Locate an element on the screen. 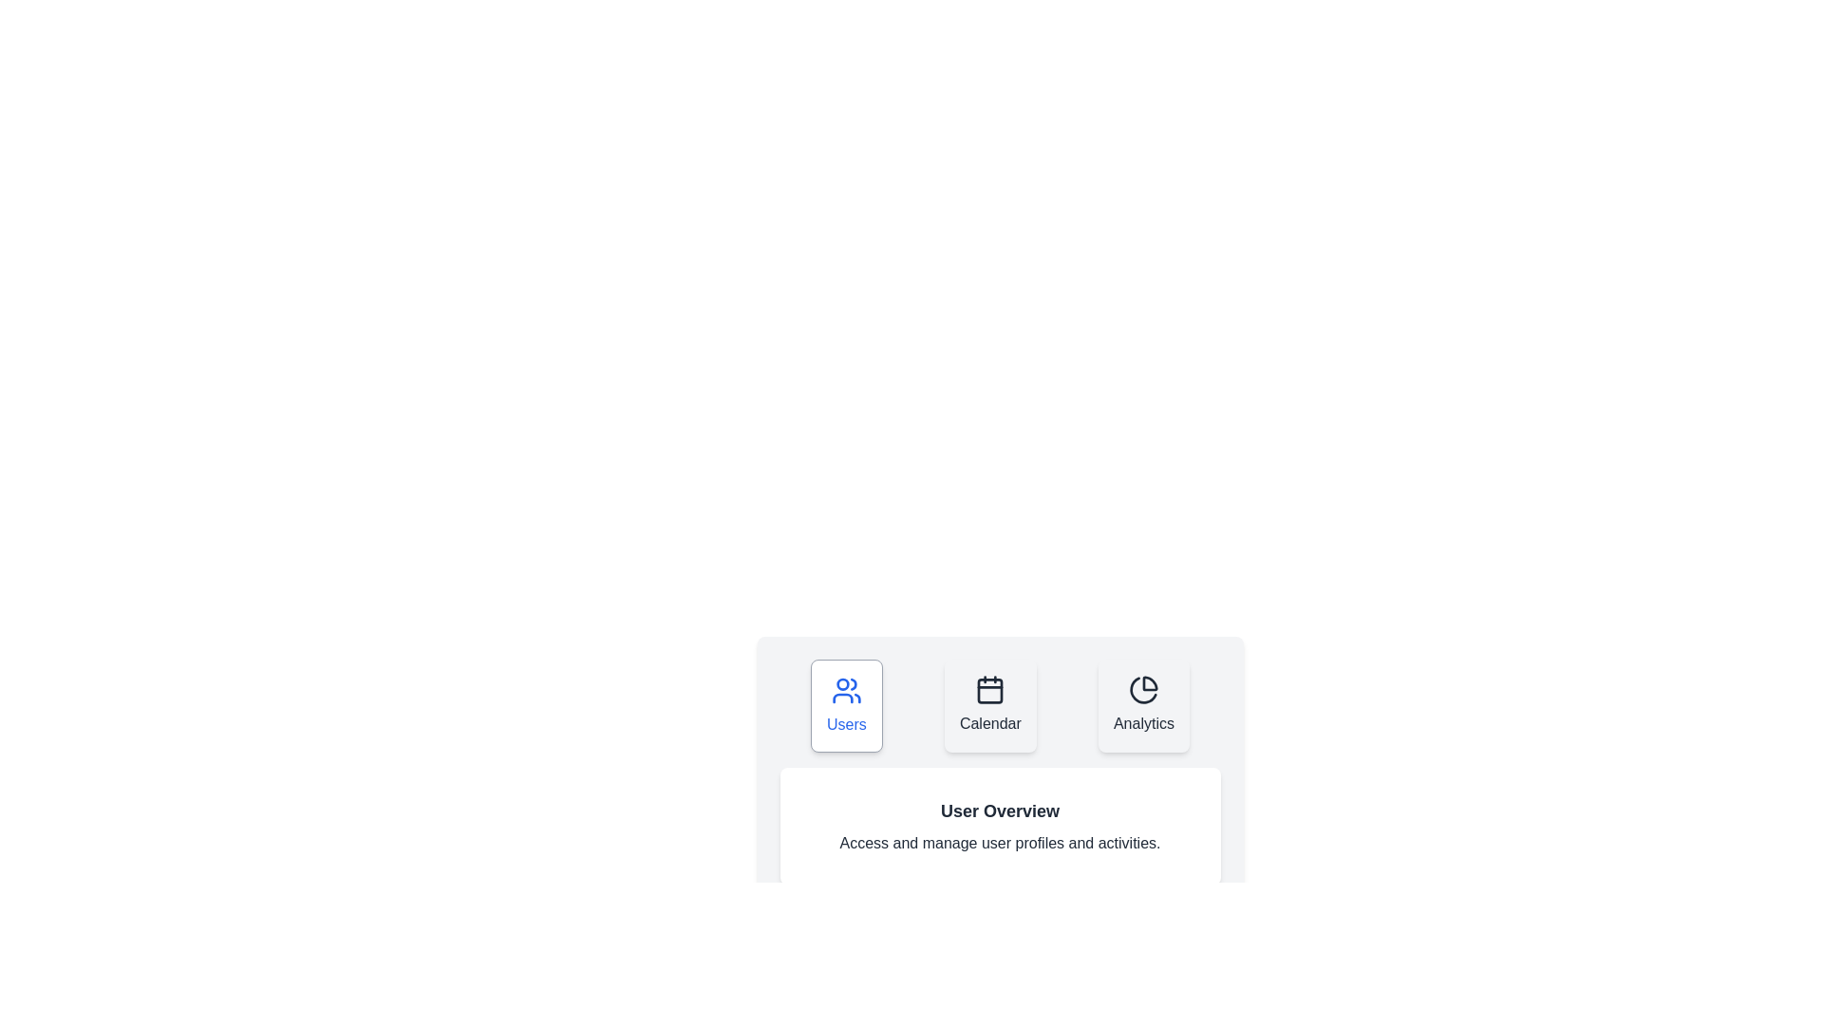 This screenshot has height=1025, width=1823. the navigation button located at the leftmost position among three similar elements is located at coordinates (845, 706).